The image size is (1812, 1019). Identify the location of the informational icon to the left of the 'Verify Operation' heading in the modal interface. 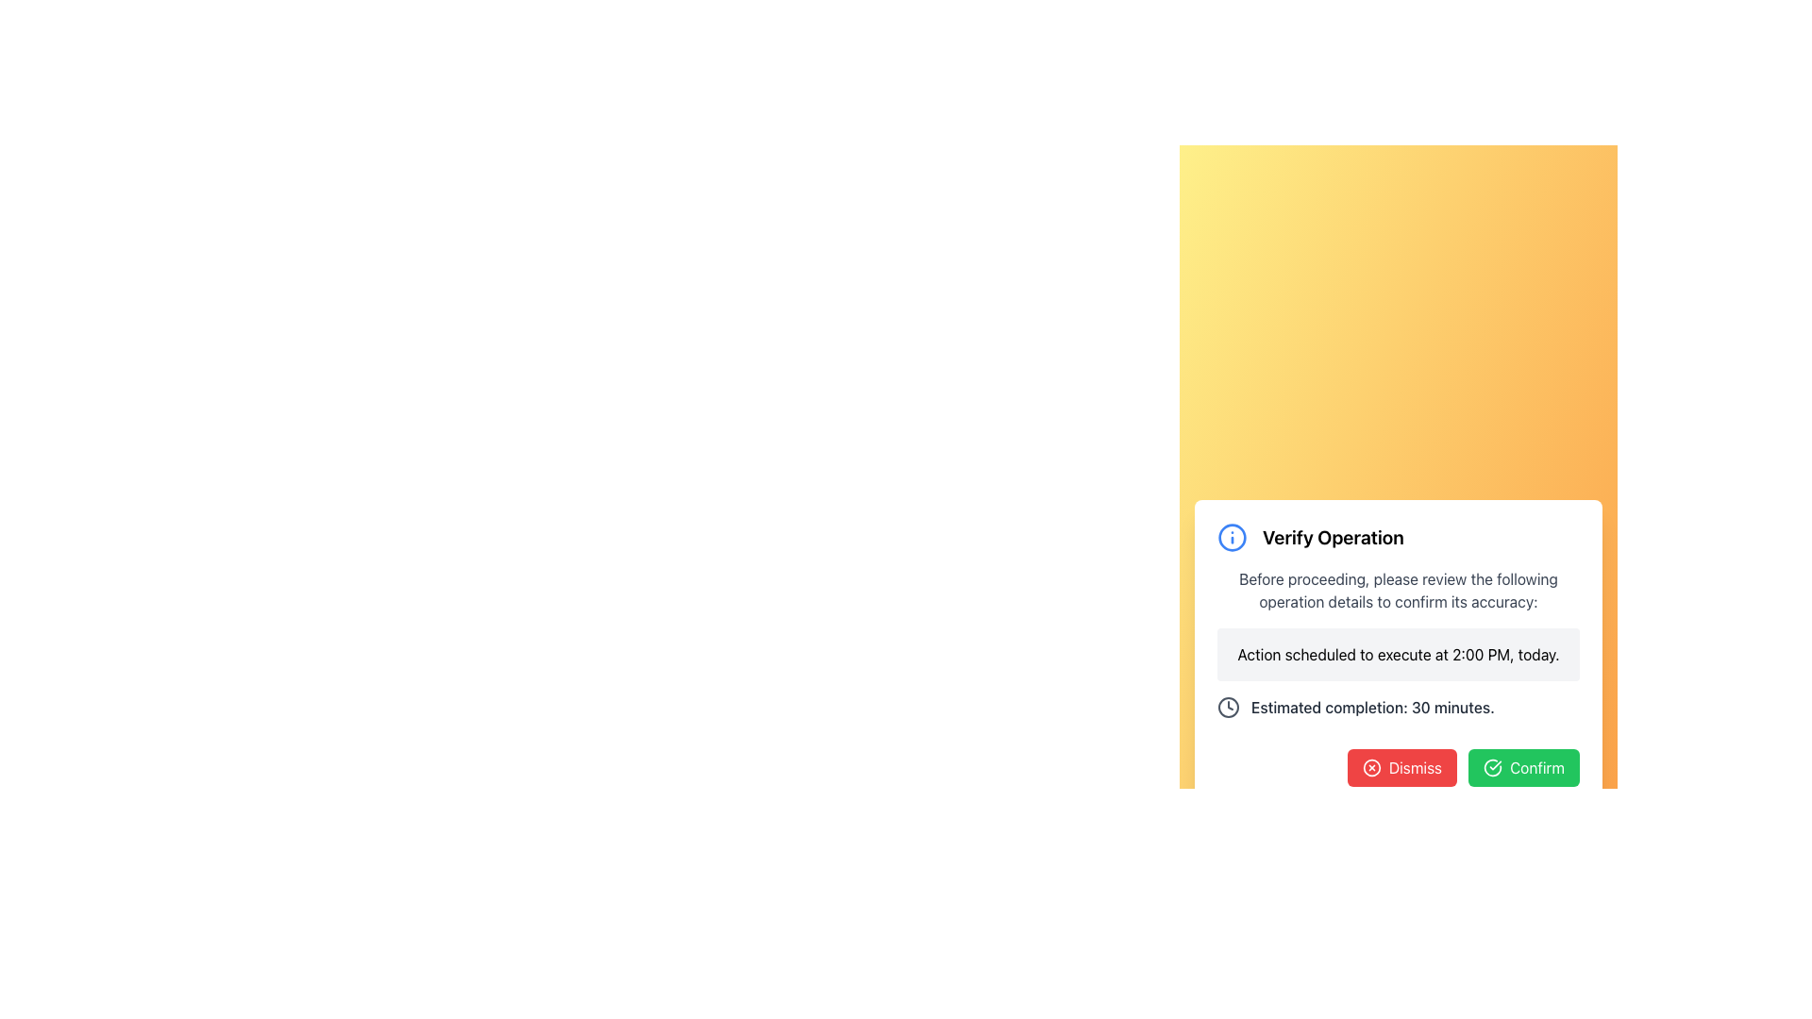
(1232, 538).